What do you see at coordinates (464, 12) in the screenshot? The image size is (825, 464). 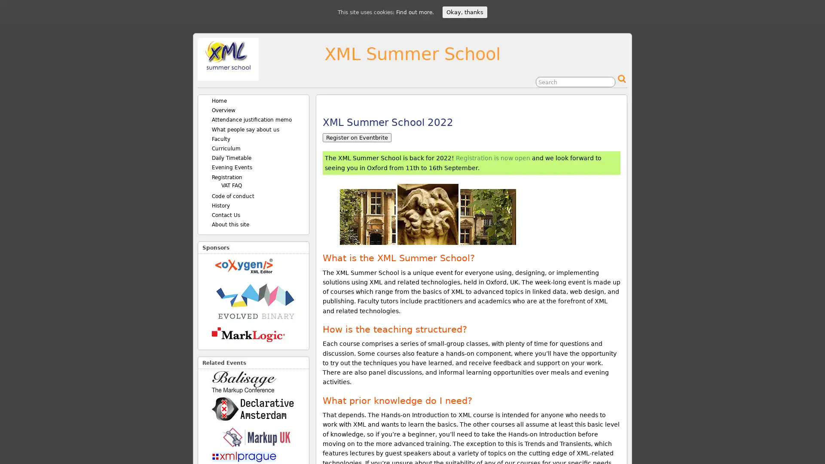 I see `Okay, thanks` at bounding box center [464, 12].